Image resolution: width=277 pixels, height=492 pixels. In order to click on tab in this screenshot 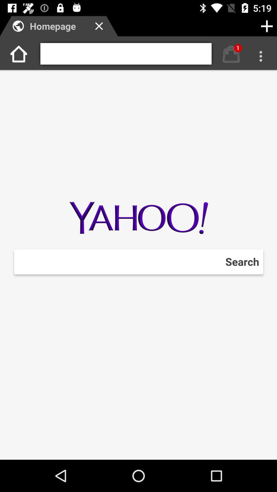, I will do `click(266, 26)`.